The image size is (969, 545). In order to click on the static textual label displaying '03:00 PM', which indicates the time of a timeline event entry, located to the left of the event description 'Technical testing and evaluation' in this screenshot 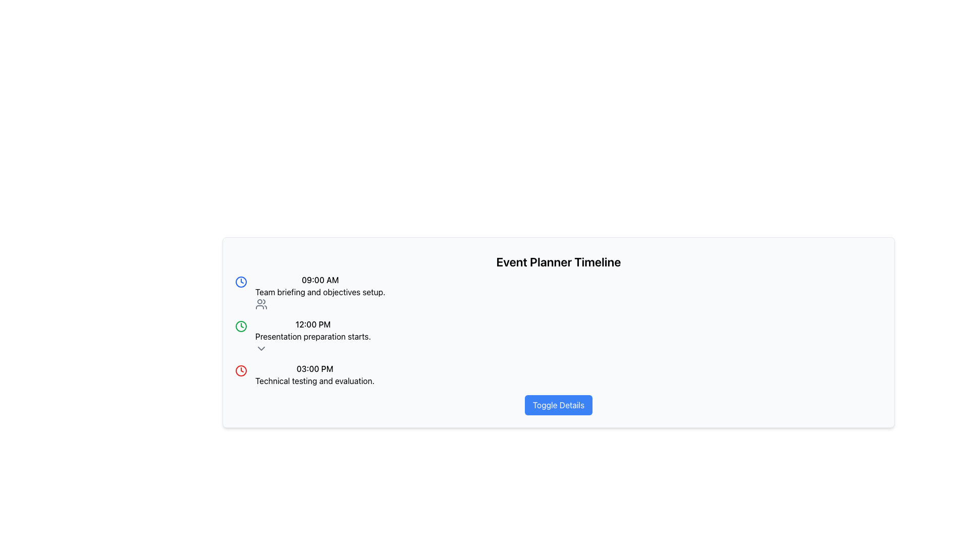, I will do `click(314, 369)`.